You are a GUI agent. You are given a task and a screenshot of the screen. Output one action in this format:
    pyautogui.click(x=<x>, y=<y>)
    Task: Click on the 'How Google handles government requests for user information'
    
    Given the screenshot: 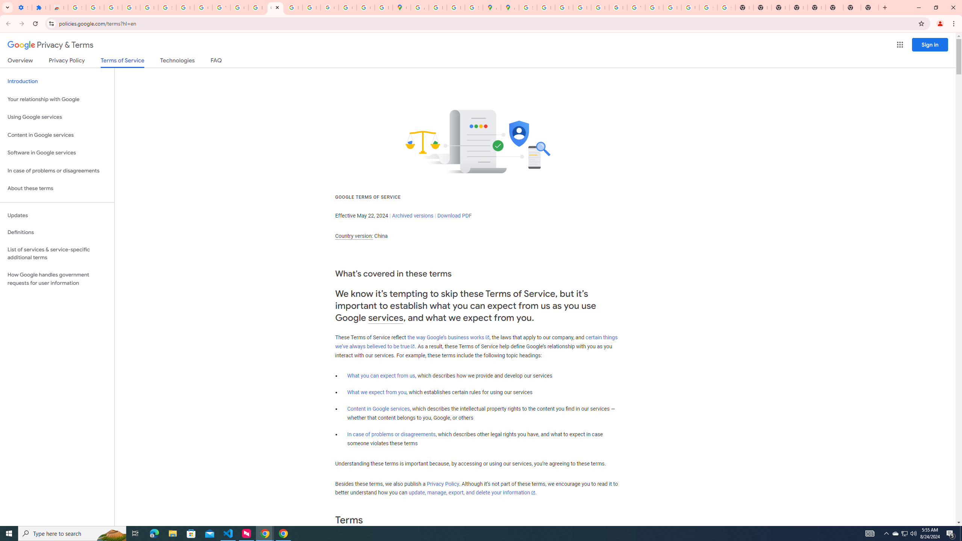 What is the action you would take?
    pyautogui.click(x=57, y=279)
    